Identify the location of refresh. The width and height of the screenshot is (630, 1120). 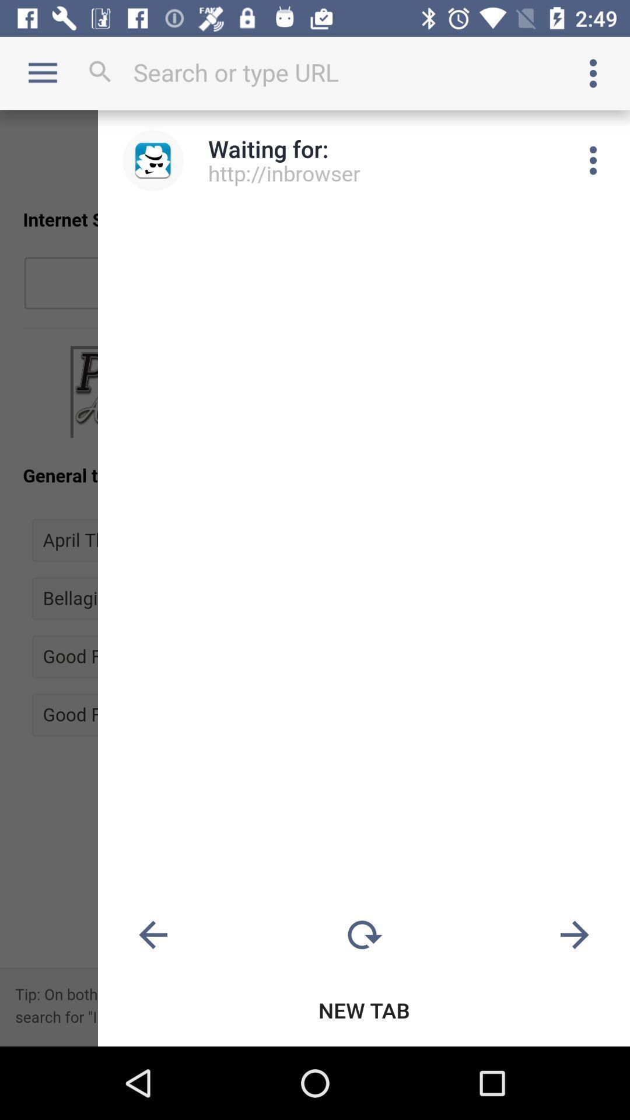
(363, 935).